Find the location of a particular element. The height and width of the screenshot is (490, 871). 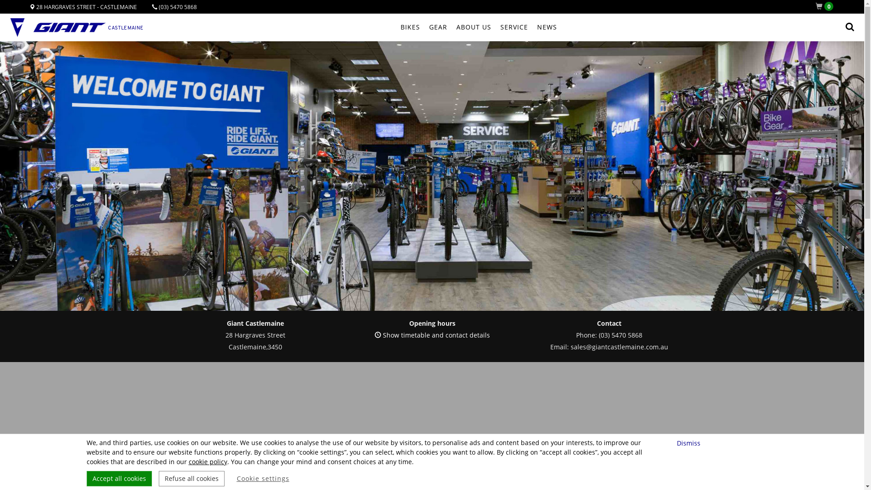

'NEWS' is located at coordinates (546, 27).